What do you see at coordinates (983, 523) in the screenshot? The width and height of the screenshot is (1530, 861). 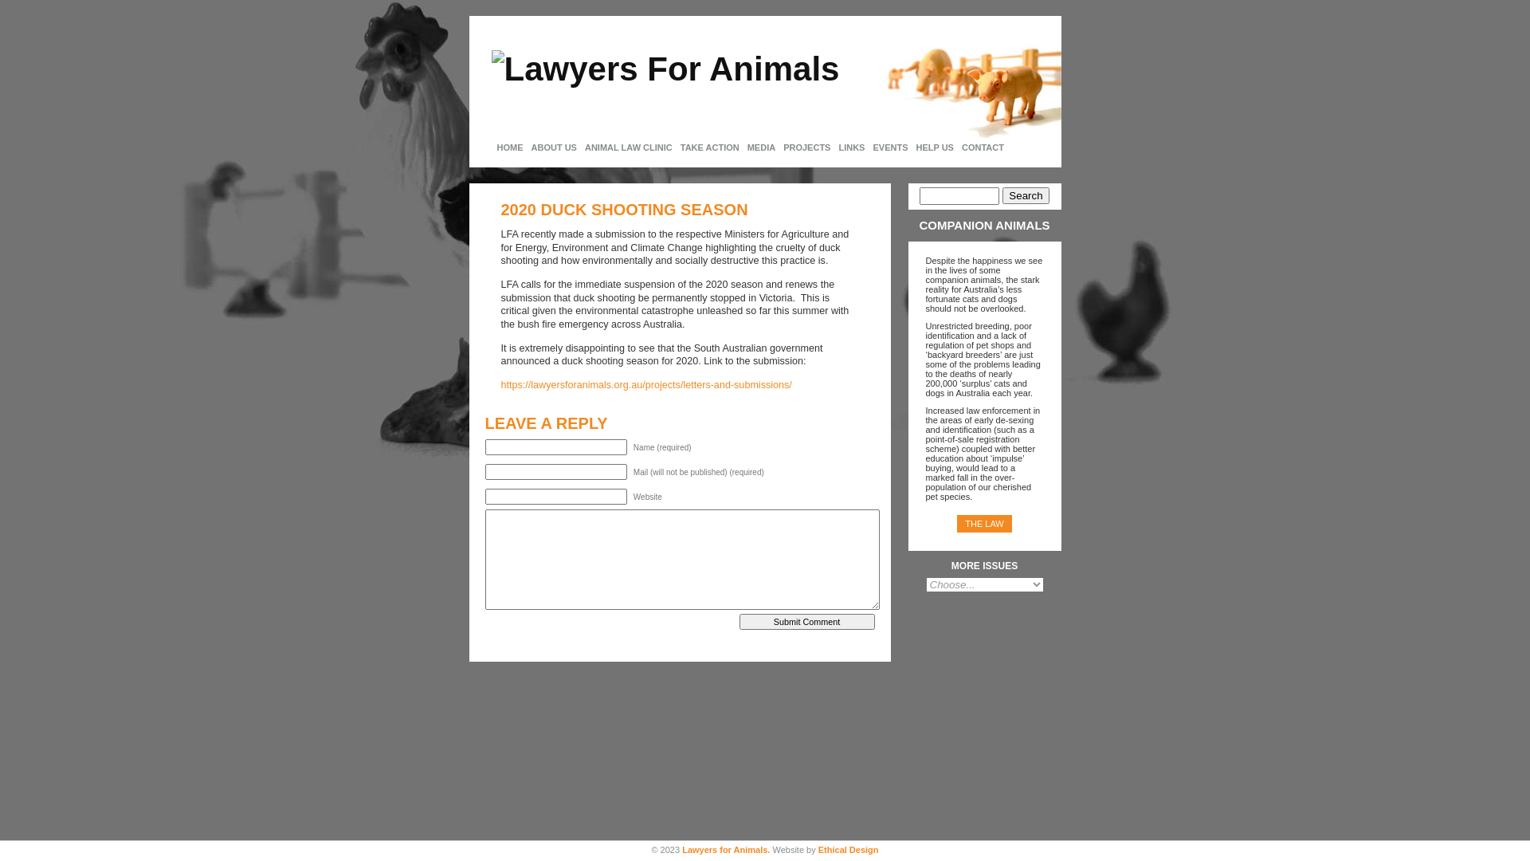 I see `'THE LAW'` at bounding box center [983, 523].